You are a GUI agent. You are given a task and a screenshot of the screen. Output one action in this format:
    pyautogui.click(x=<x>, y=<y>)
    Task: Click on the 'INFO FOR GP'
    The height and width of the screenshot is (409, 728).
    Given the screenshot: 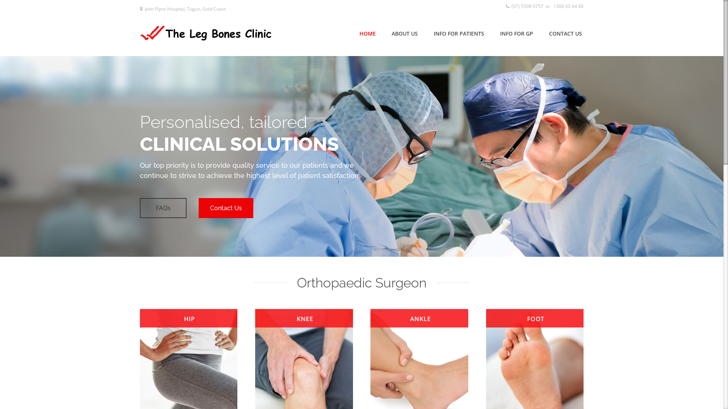 What is the action you would take?
    pyautogui.click(x=516, y=33)
    